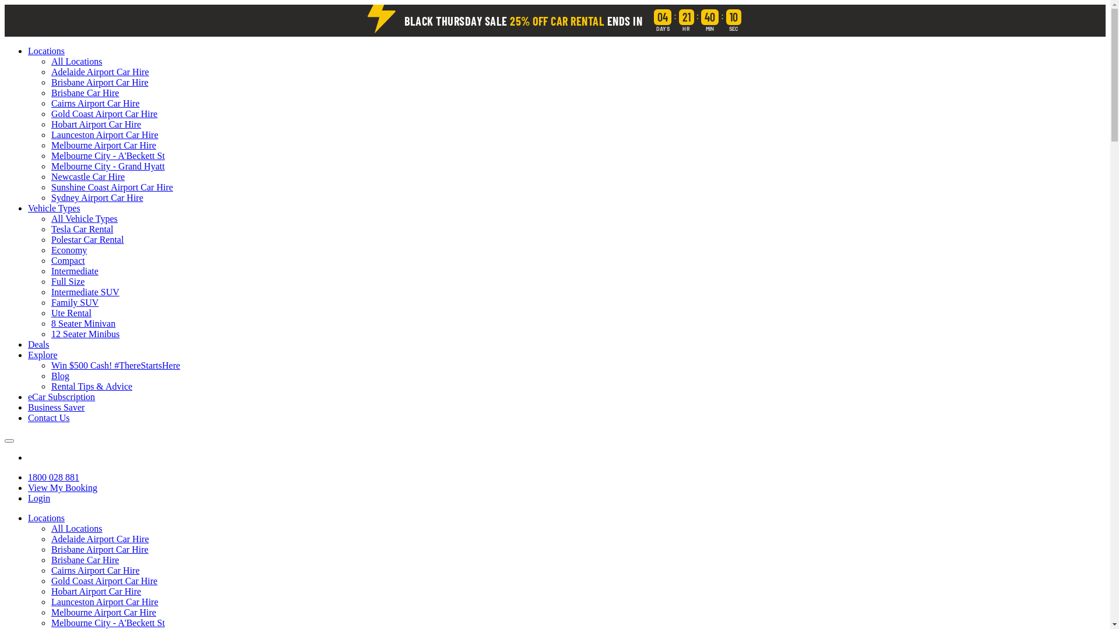 The width and height of the screenshot is (1119, 629). I want to click on 'All Locations', so click(76, 61).